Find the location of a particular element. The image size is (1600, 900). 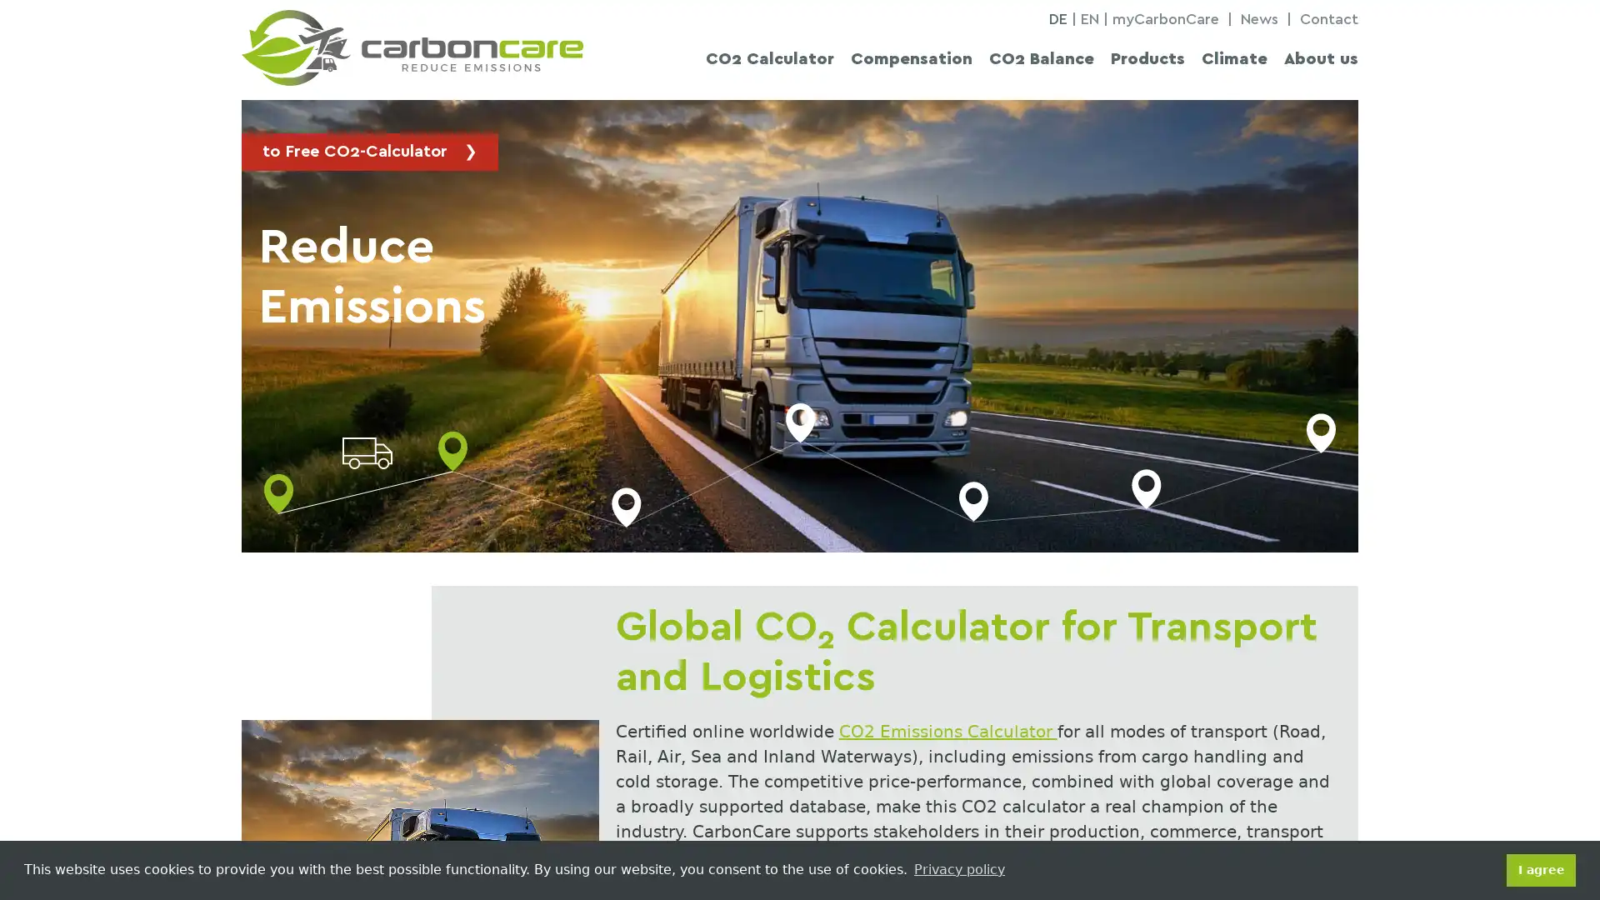

learn more about cookies is located at coordinates (959, 869).